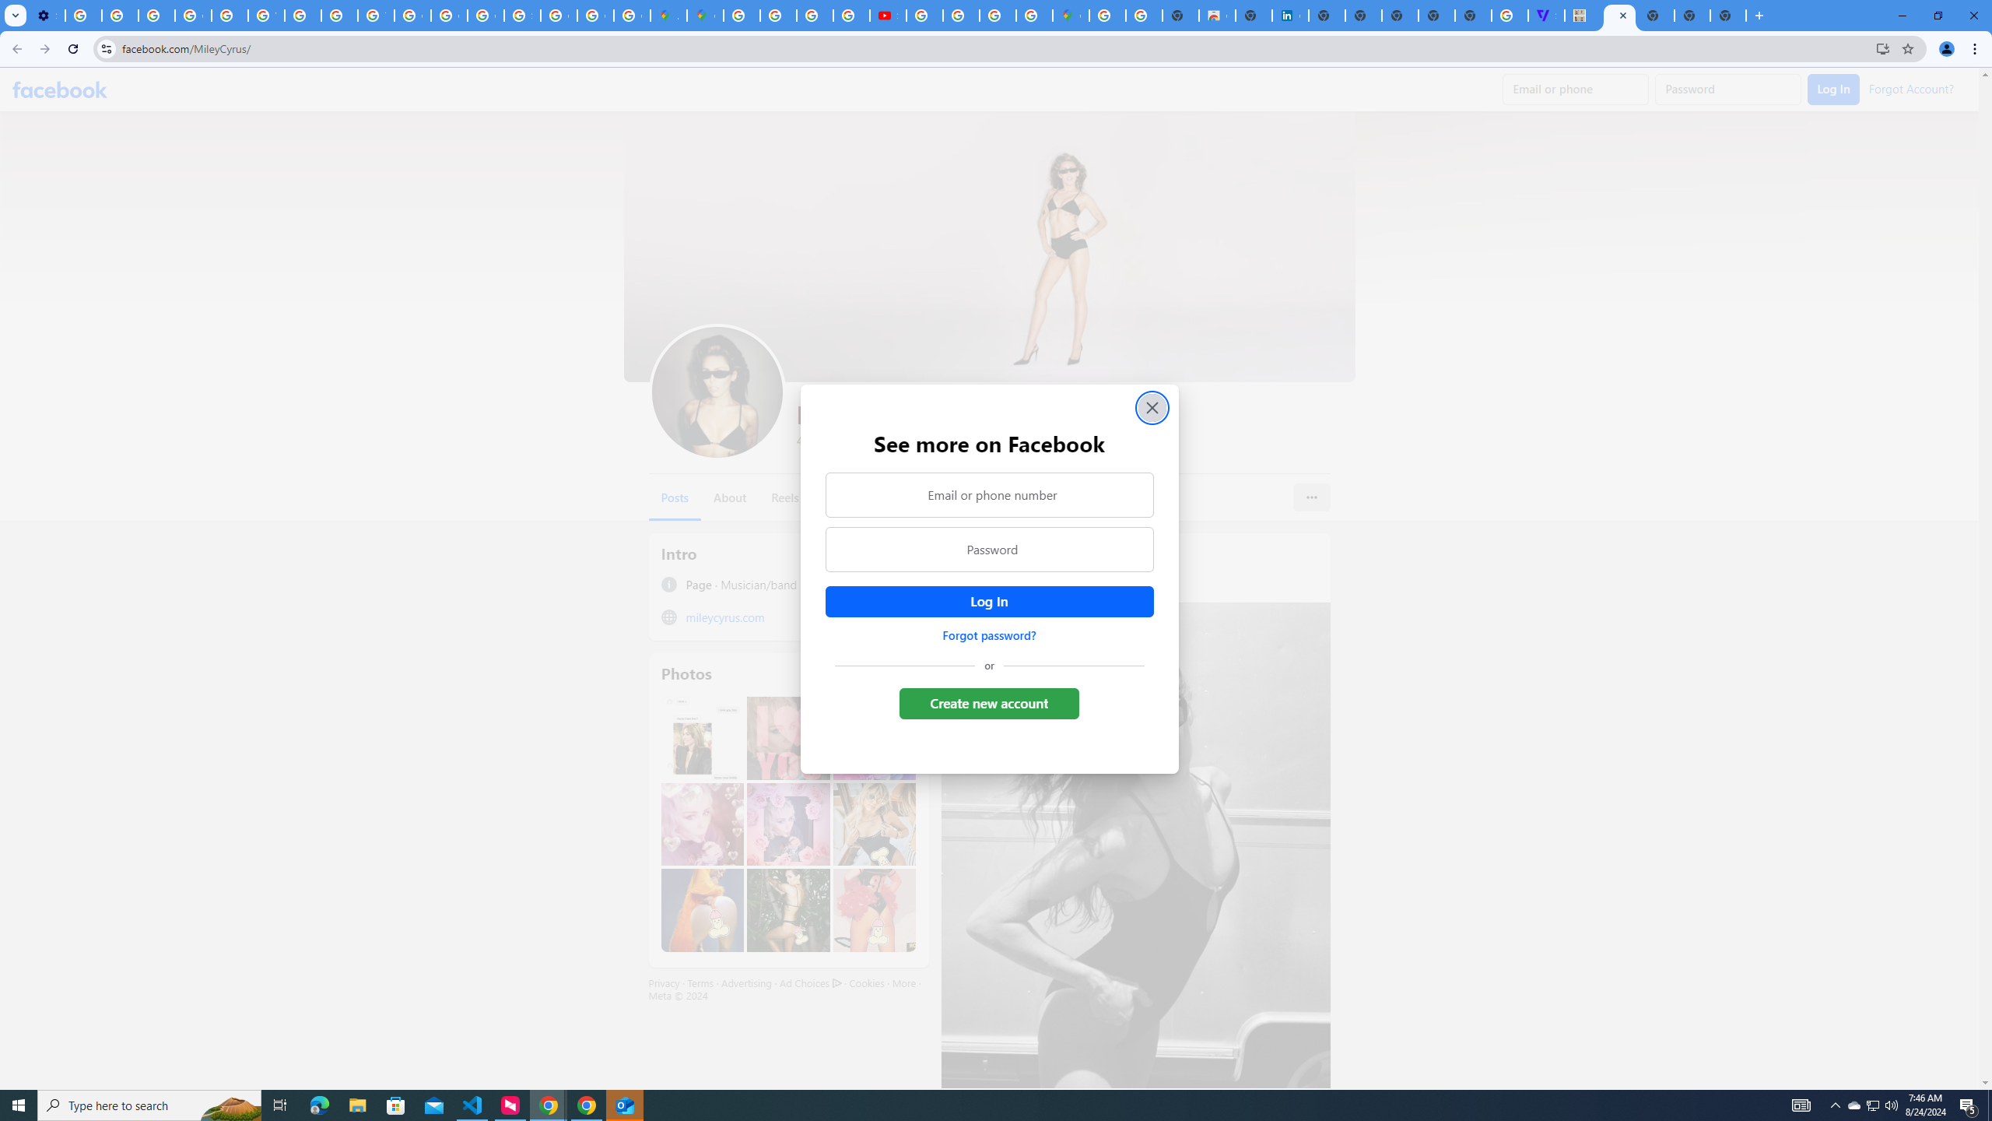  I want to click on 'https://scholar.google.com/', so click(302, 15).